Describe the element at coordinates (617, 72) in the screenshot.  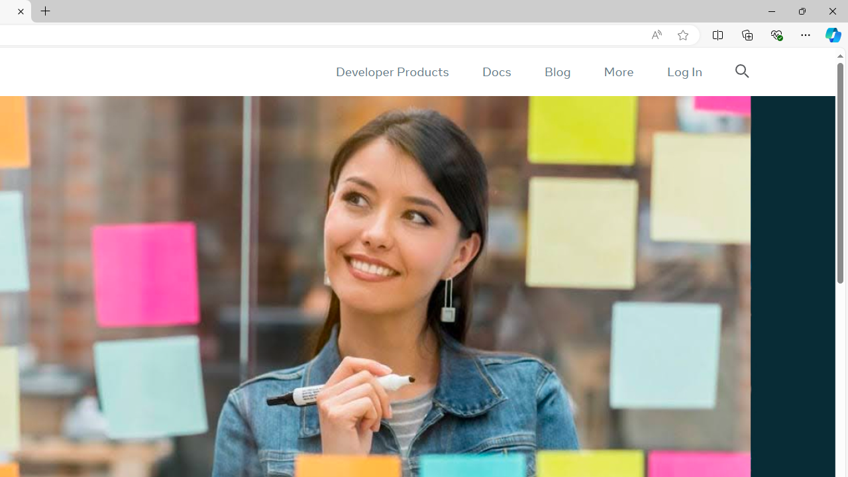
I see `'More'` at that location.